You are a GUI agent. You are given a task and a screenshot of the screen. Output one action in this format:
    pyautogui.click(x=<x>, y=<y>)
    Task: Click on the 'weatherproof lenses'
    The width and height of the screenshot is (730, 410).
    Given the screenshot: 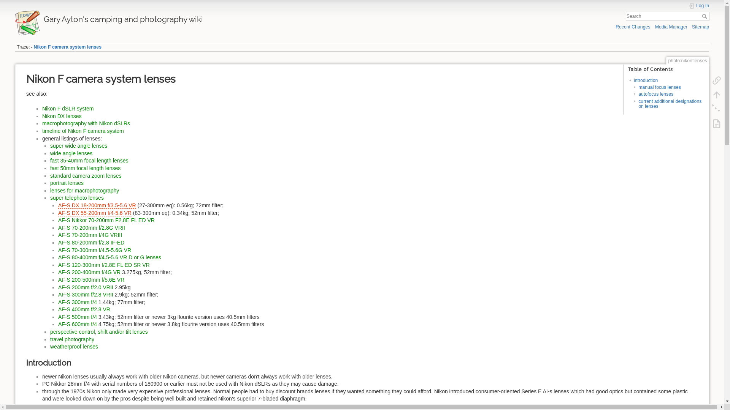 What is the action you would take?
    pyautogui.click(x=74, y=347)
    